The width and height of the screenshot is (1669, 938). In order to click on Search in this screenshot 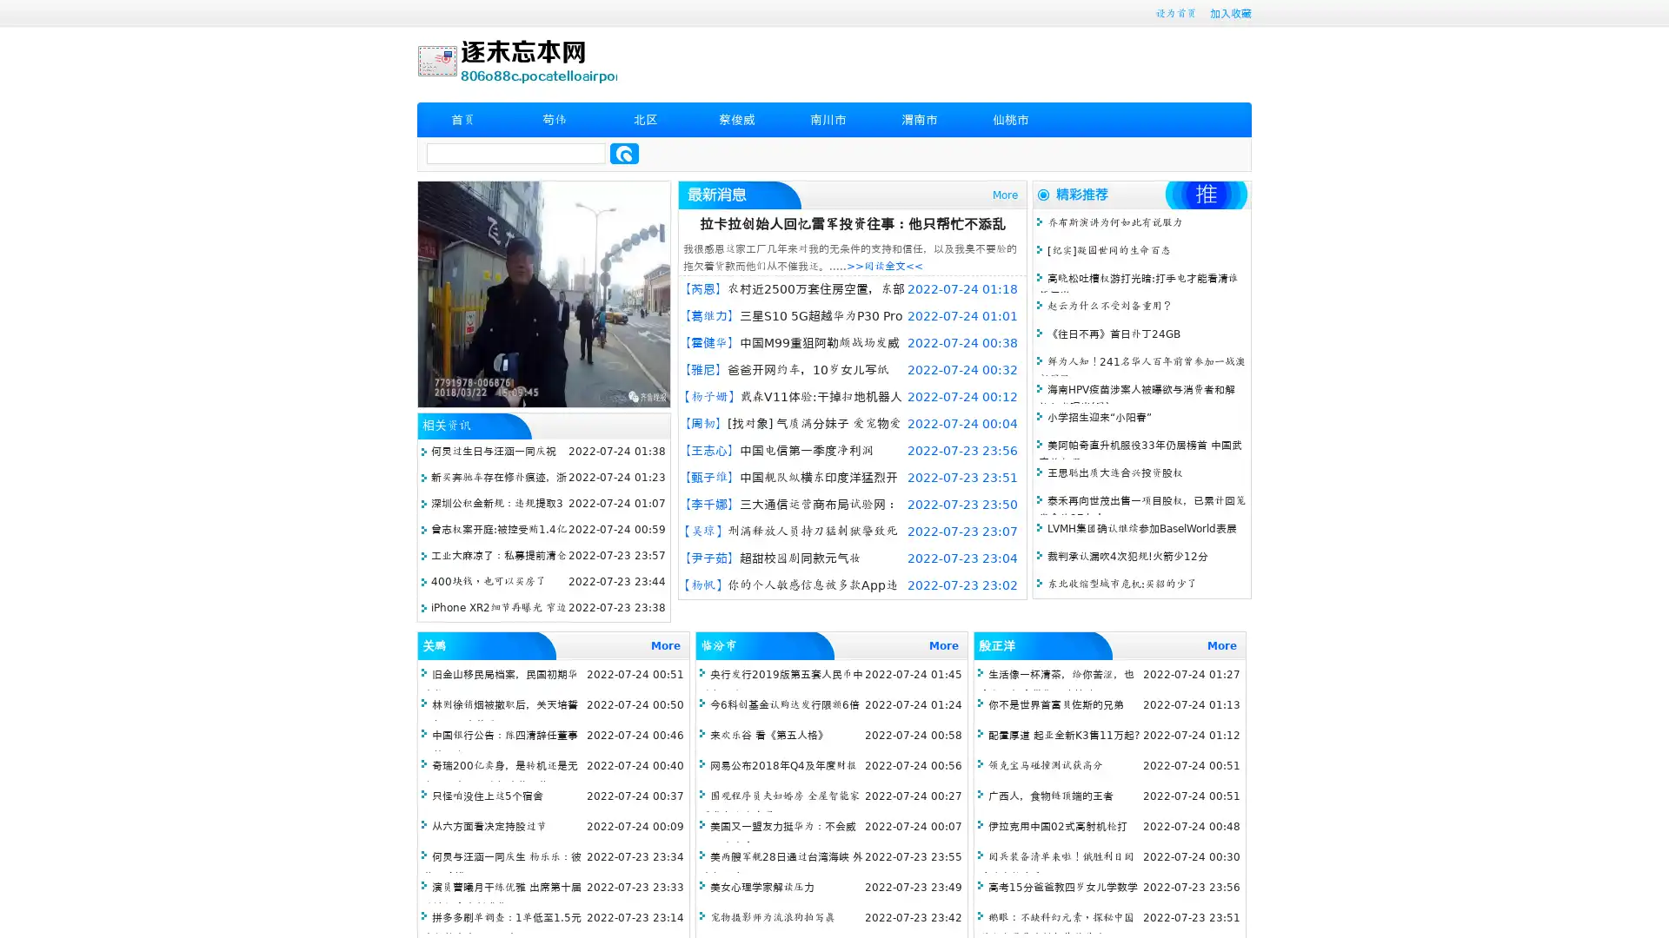, I will do `click(624, 153)`.